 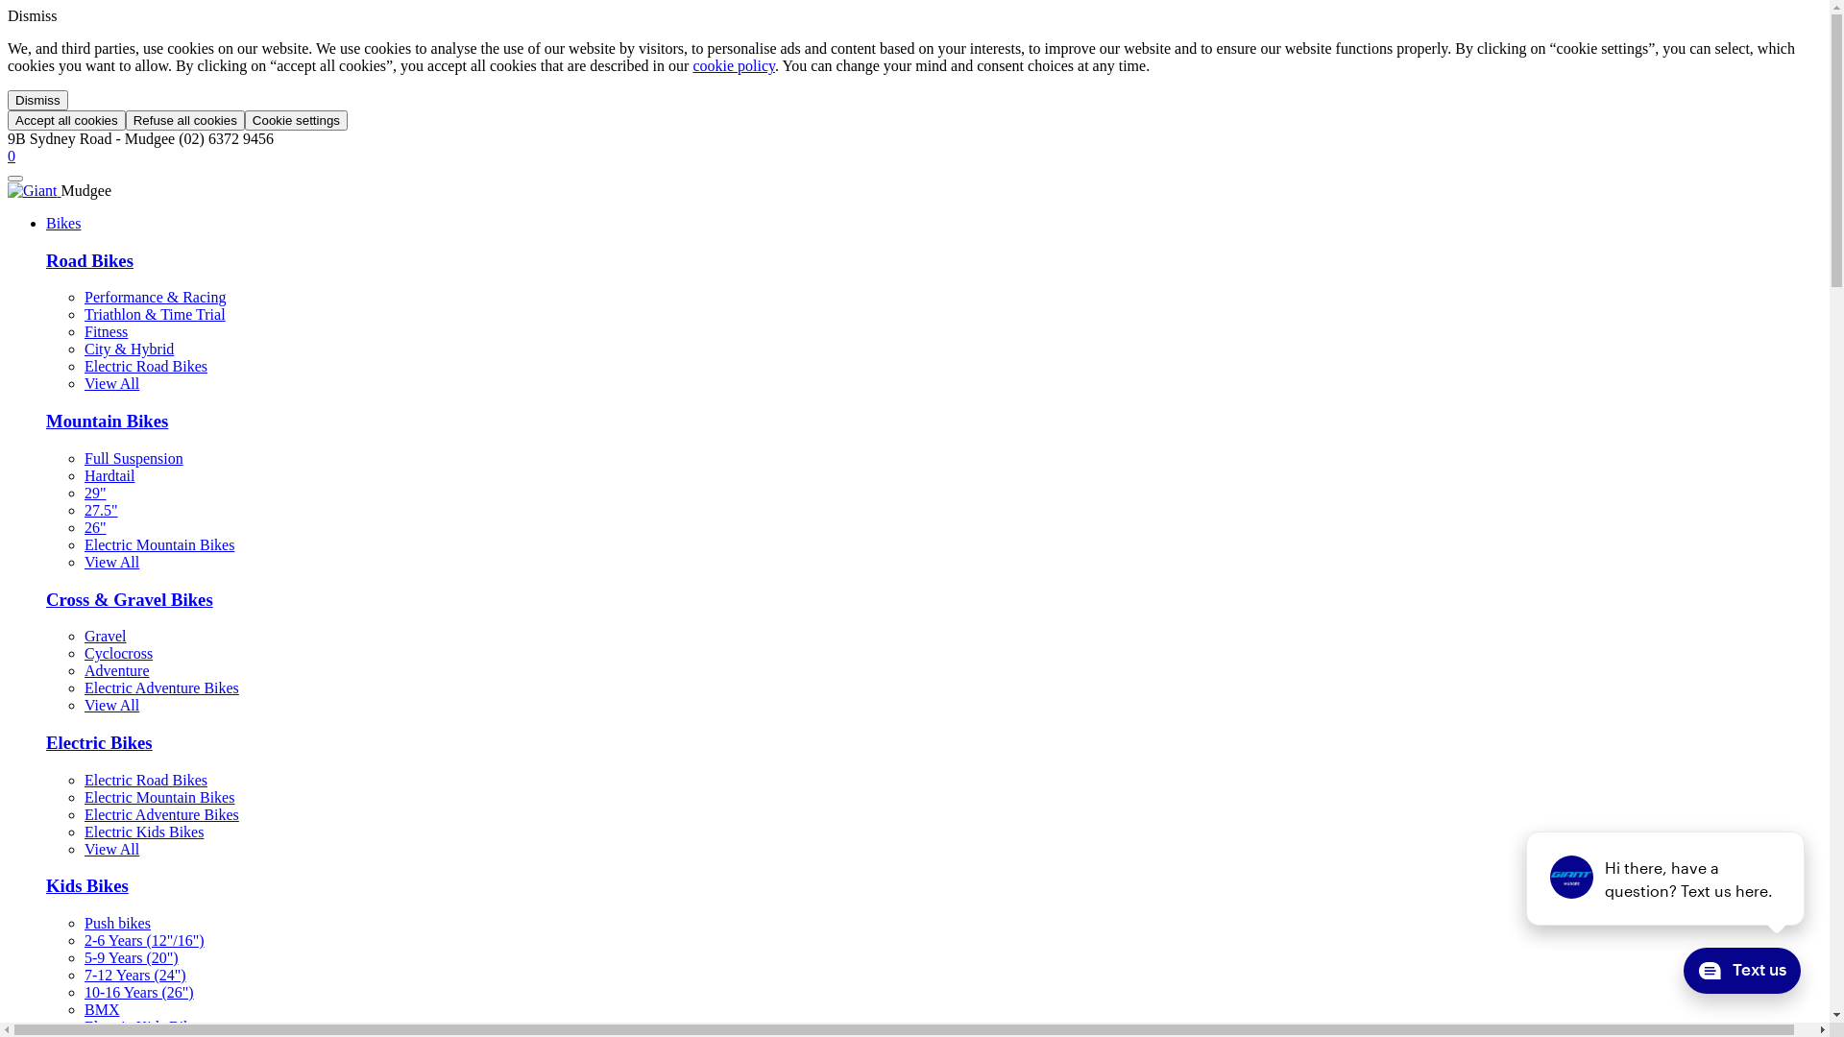 I want to click on 'Electric Mountain Bikes', so click(x=159, y=544).